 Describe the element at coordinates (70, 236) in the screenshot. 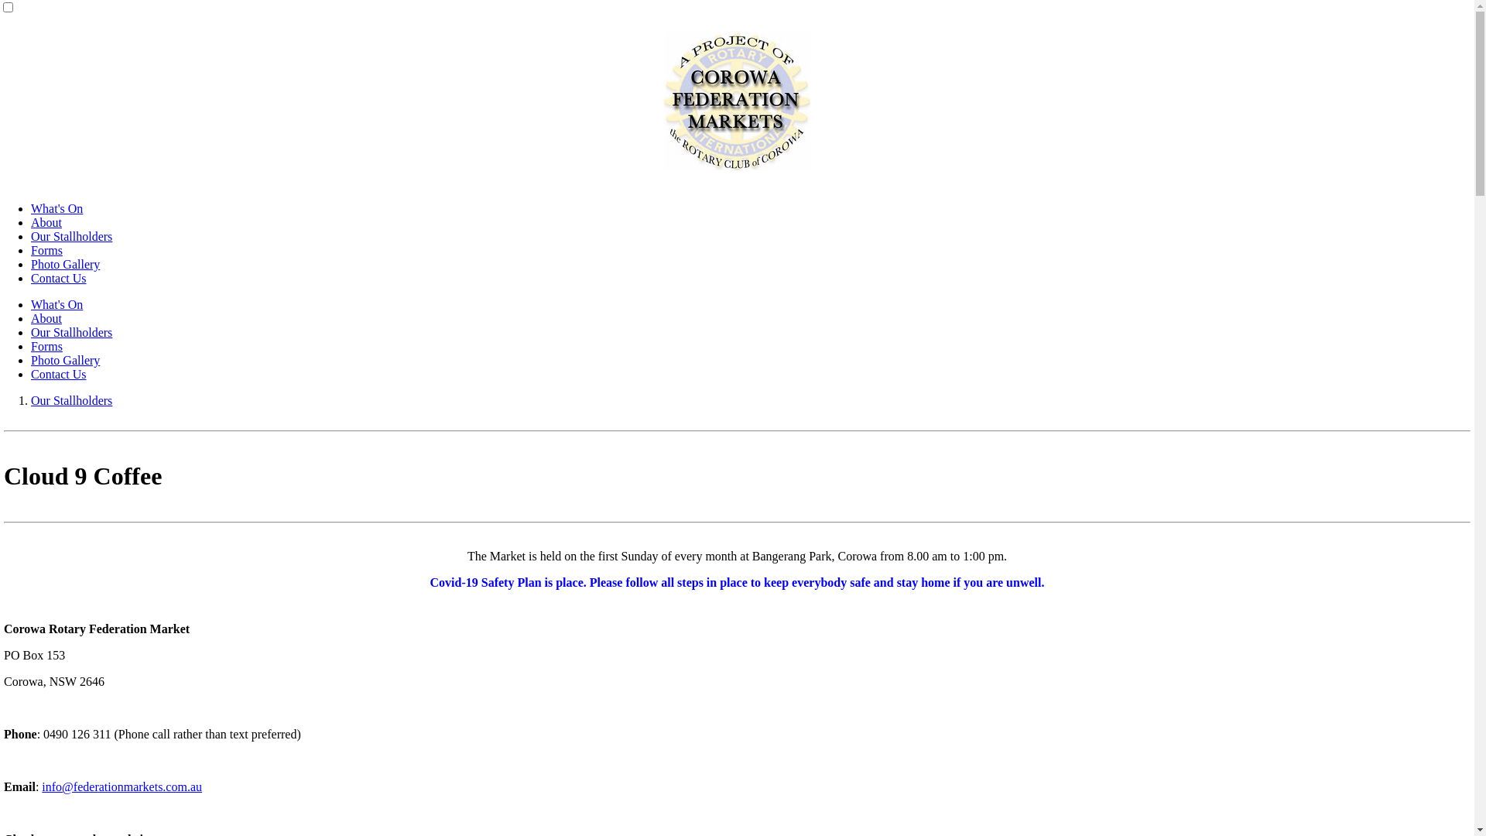

I see `'Our Stallholders'` at that location.